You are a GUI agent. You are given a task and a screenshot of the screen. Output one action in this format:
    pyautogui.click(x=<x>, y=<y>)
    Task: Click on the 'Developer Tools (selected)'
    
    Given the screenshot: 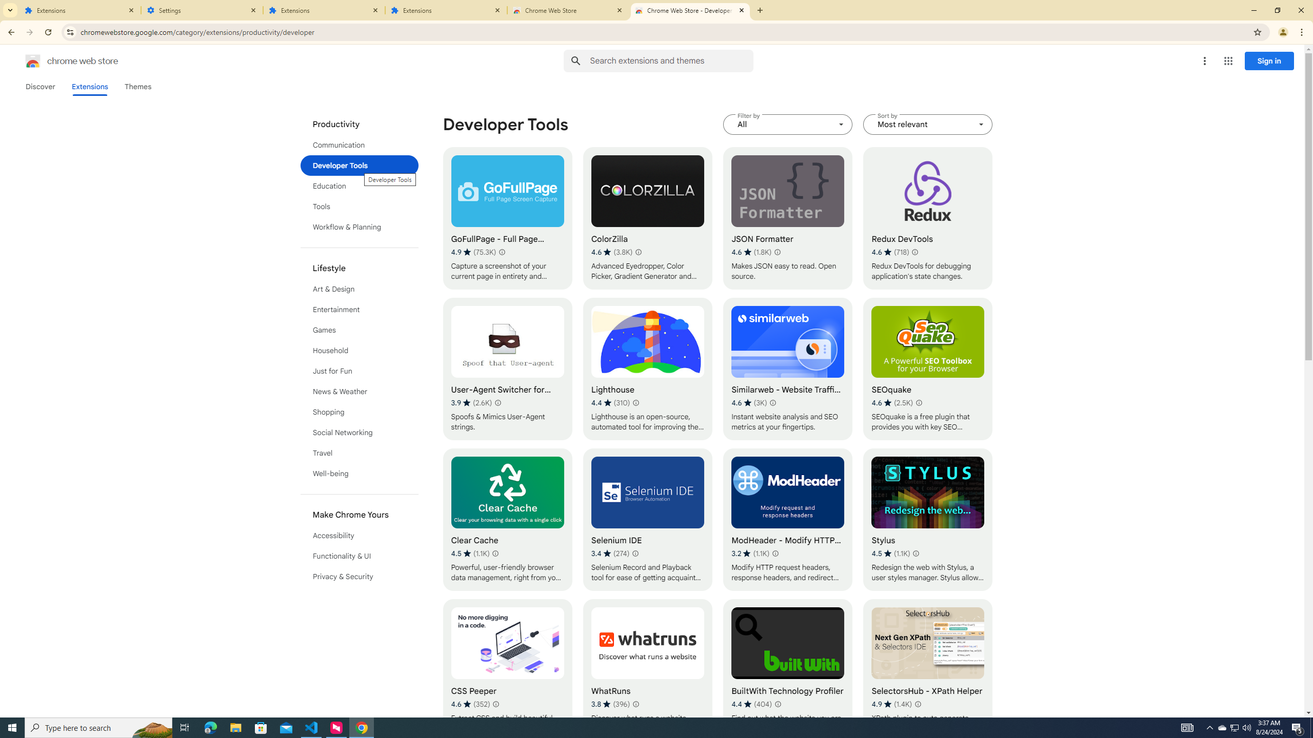 What is the action you would take?
    pyautogui.click(x=360, y=165)
    